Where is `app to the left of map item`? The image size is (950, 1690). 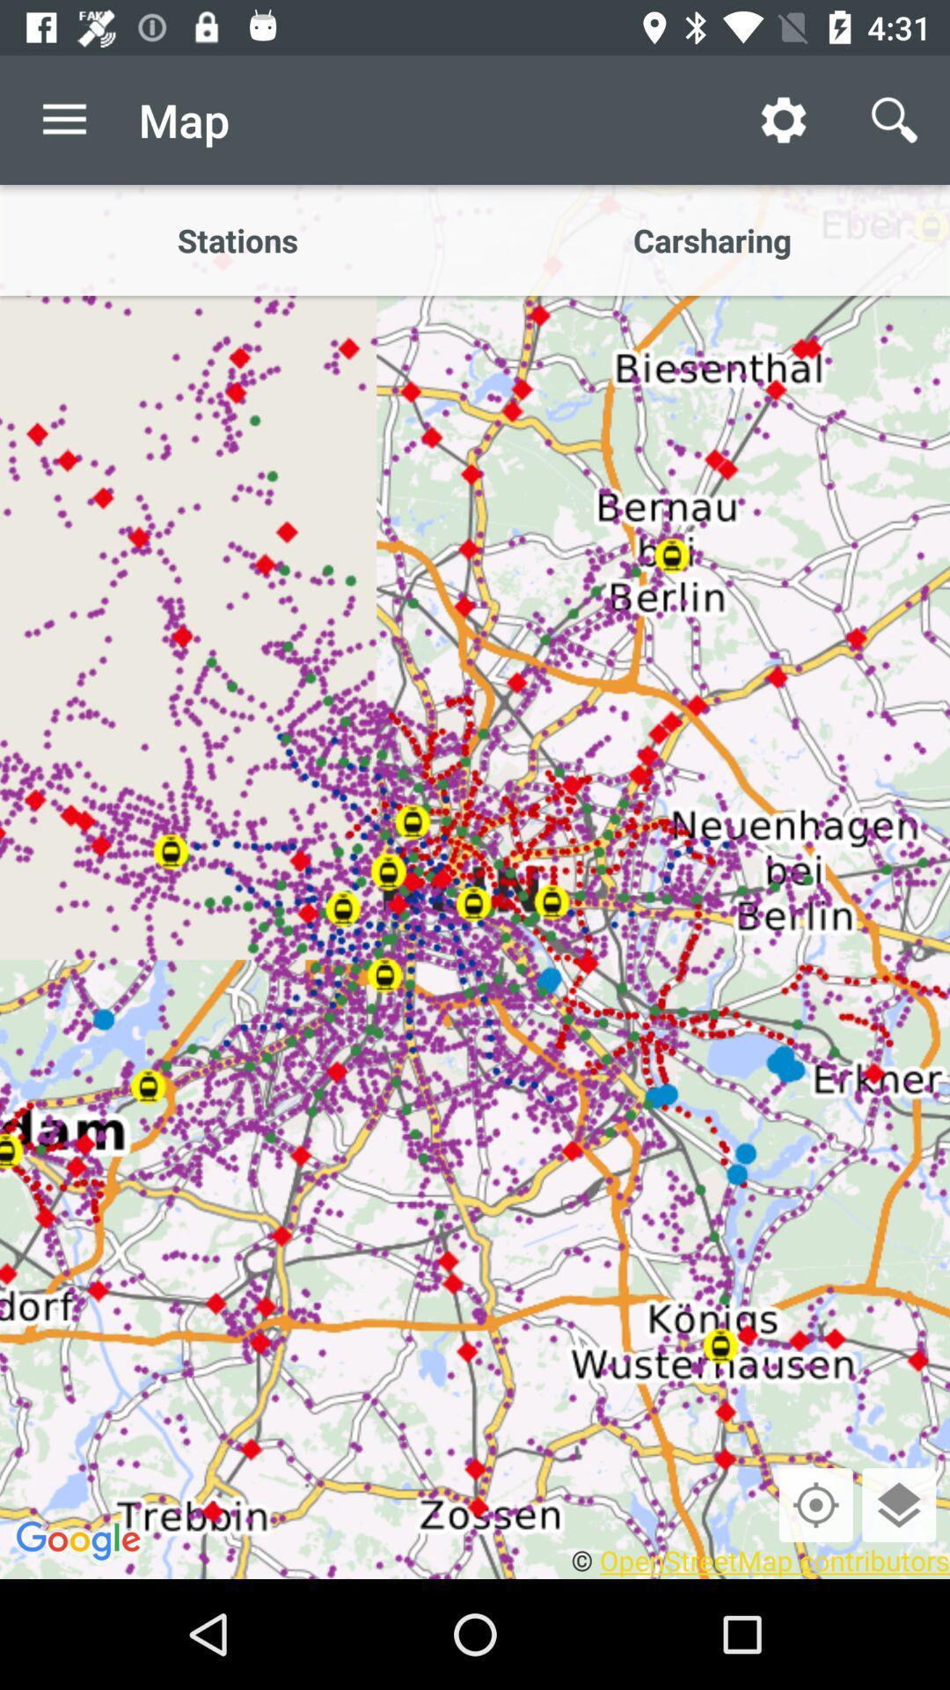 app to the left of map item is located at coordinates (63, 119).